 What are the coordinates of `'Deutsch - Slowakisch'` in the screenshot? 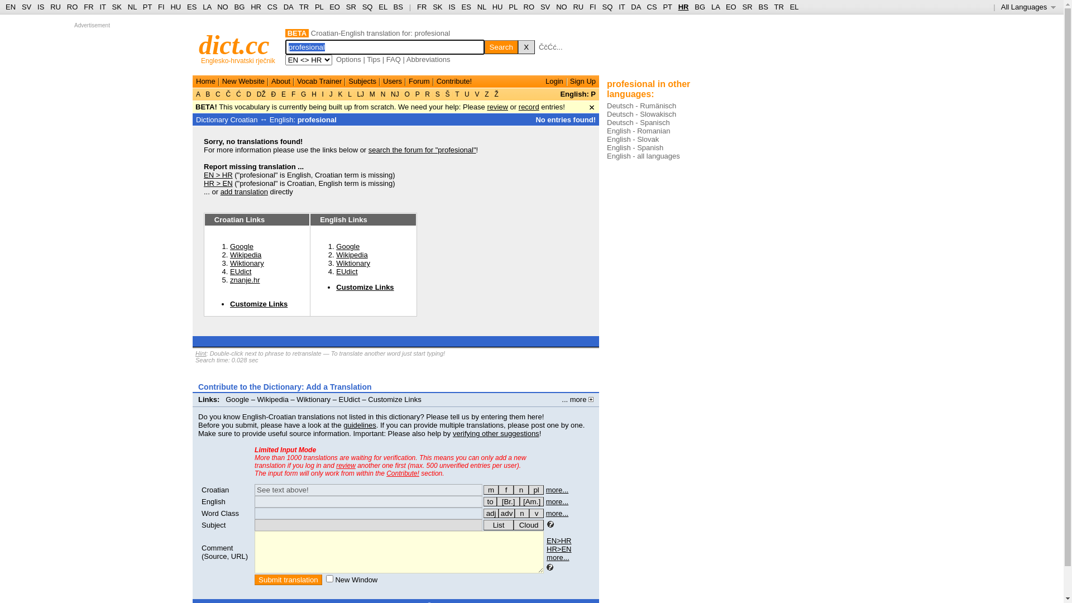 It's located at (641, 114).